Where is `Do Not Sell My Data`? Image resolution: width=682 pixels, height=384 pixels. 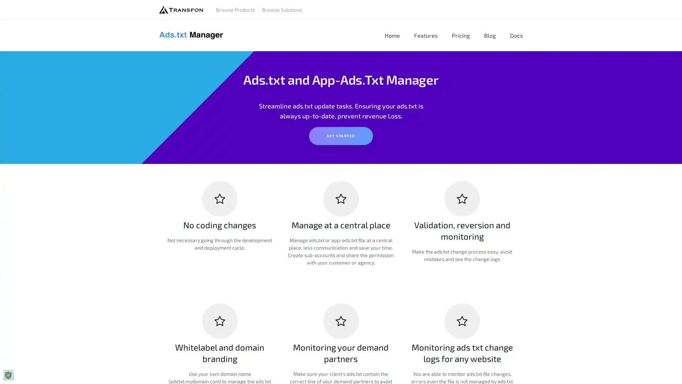 Do Not Sell My Data is located at coordinates (48, 371).